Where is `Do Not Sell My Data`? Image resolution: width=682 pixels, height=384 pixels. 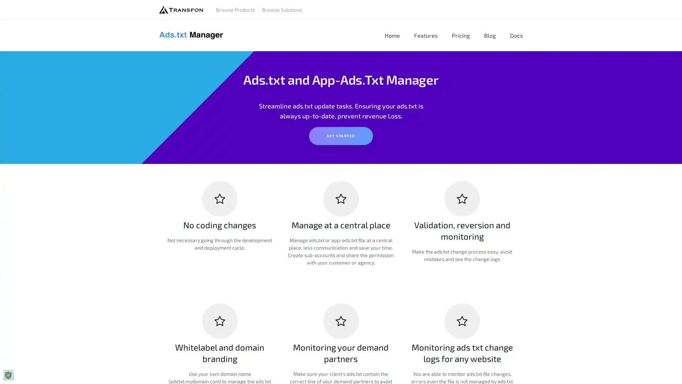 Do Not Sell My Data is located at coordinates (48, 371).